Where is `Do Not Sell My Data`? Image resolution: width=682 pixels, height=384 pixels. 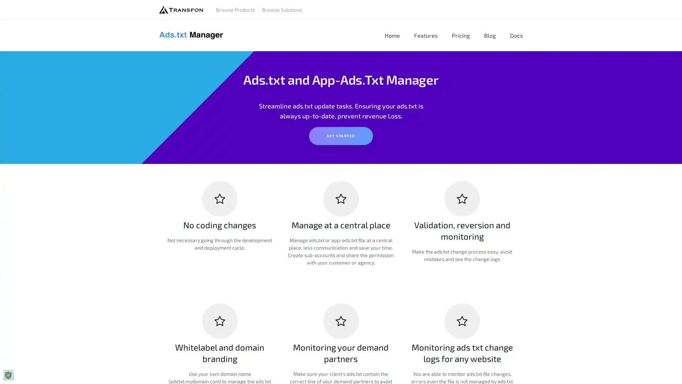 Do Not Sell My Data is located at coordinates (48, 371).